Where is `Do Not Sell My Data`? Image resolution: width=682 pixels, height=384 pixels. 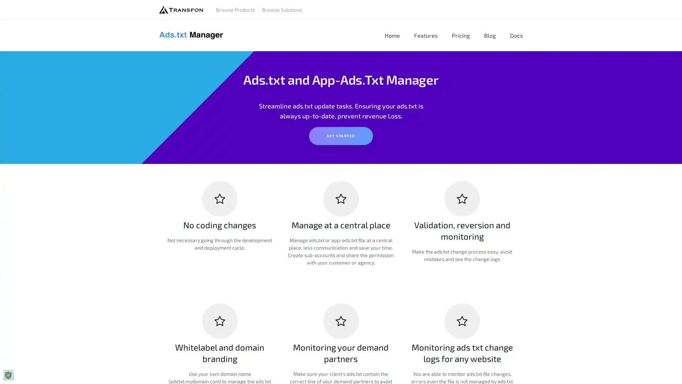 Do Not Sell My Data is located at coordinates (48, 371).